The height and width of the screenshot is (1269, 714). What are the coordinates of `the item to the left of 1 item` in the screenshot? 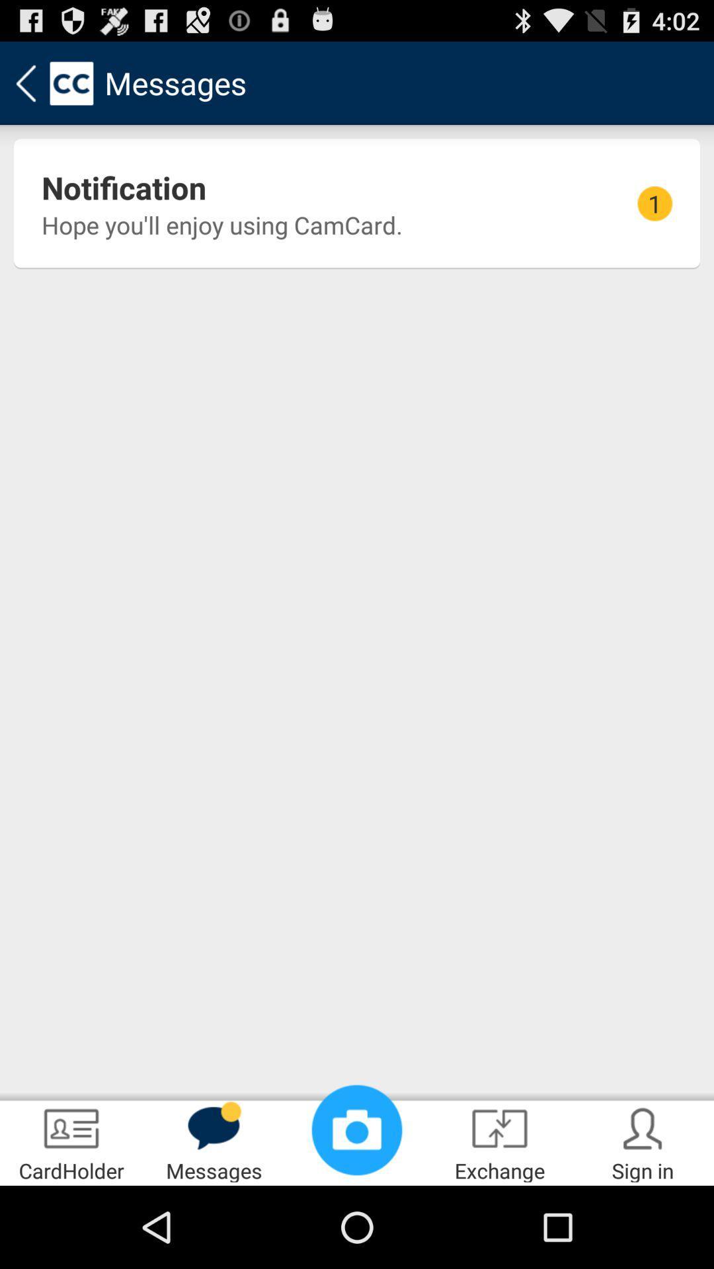 It's located at (124, 186).